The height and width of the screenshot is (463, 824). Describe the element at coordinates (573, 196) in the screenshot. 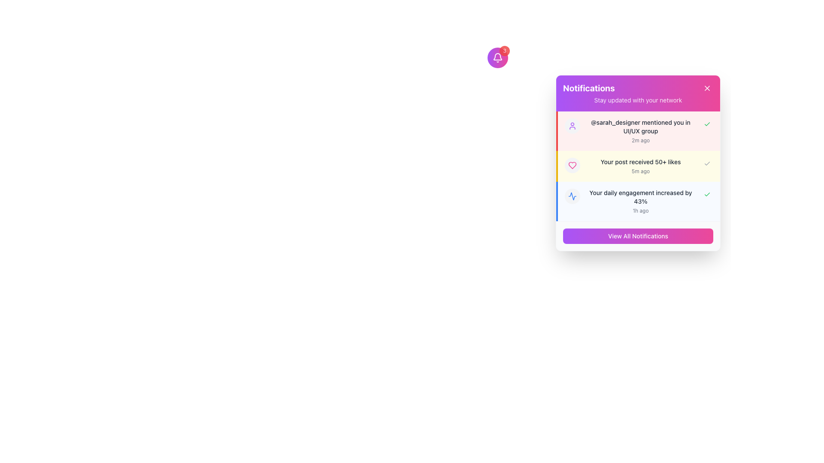

I see `the notification icon located at the top-left corner of the notification message stating 'Your daily engagement increased by 43%' for interaction` at that location.